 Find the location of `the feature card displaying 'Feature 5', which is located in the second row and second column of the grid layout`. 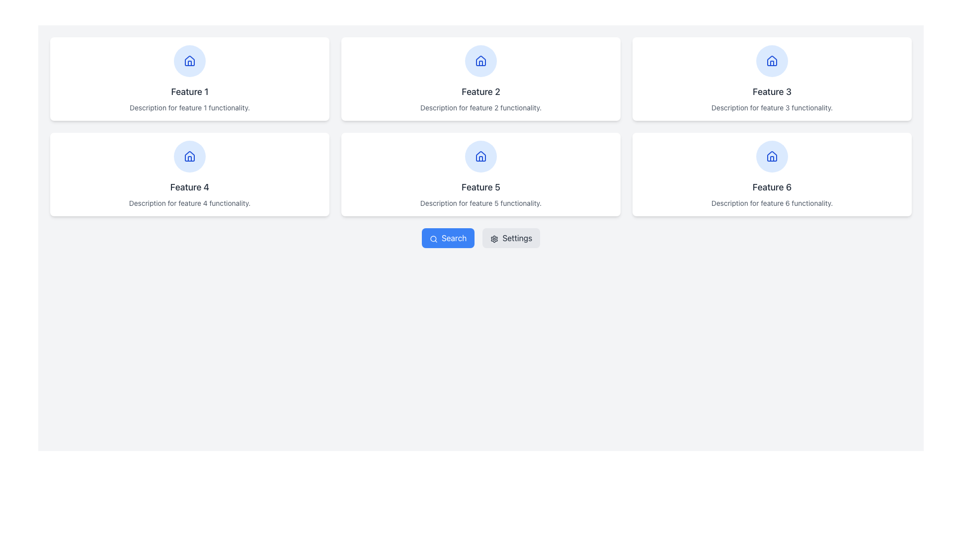

the feature card displaying 'Feature 5', which is located in the second row and second column of the grid layout is located at coordinates (481, 174).